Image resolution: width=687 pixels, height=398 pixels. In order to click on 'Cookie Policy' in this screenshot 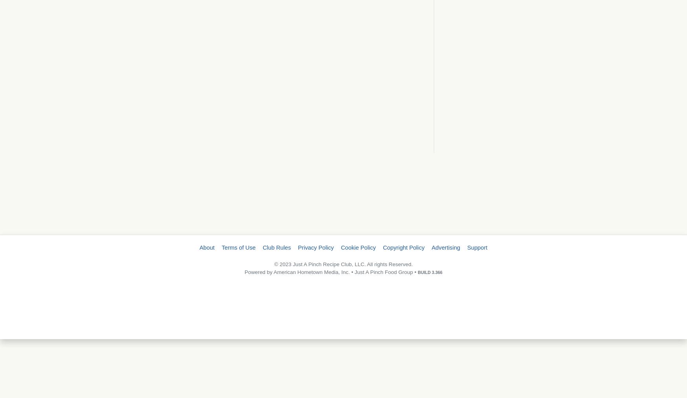, I will do `click(358, 248)`.